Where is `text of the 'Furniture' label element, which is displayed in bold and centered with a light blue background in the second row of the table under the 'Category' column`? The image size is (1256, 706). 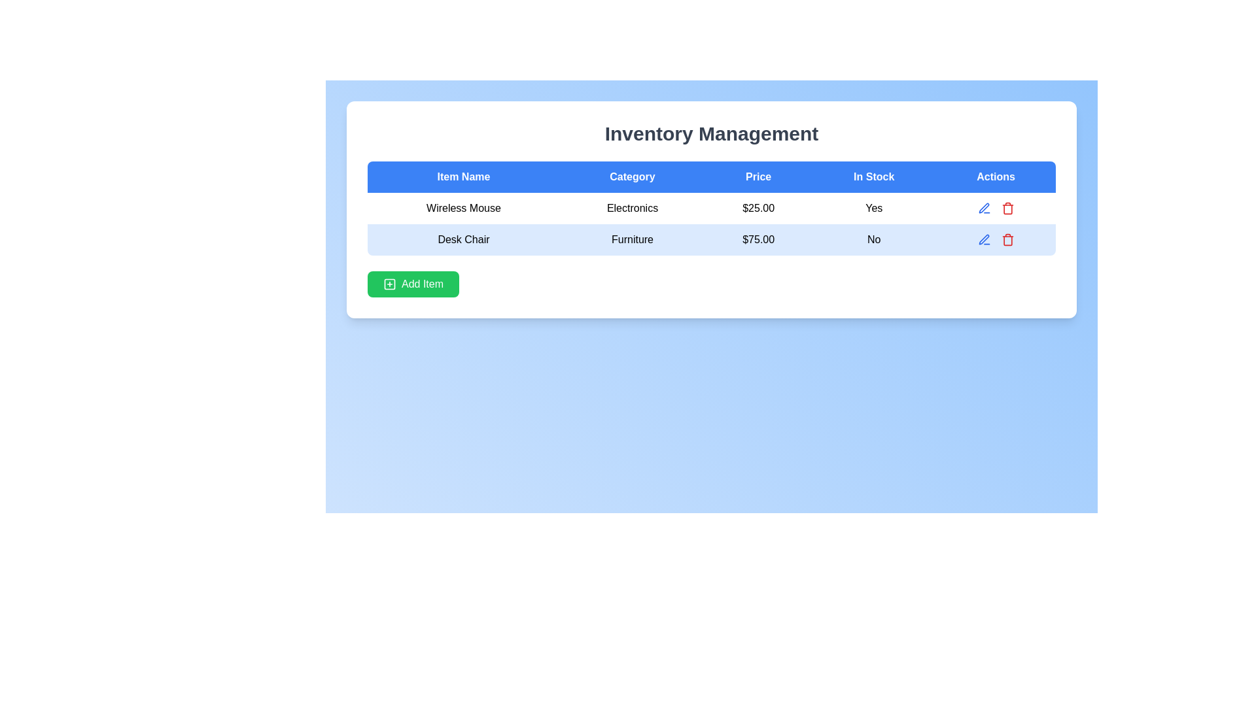
text of the 'Furniture' label element, which is displayed in bold and centered with a light blue background in the second row of the table under the 'Category' column is located at coordinates (632, 239).